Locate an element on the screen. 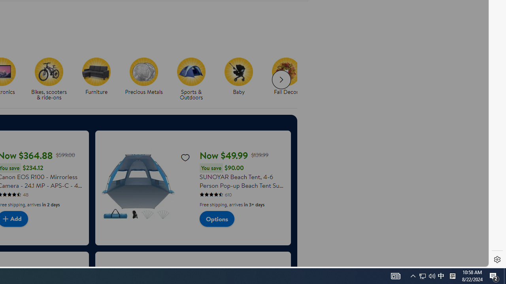 The width and height of the screenshot is (506, 284). 'Bikes, scooters & ride-ons Bikes, scooters & ride-ons' is located at coordinates (49, 79).